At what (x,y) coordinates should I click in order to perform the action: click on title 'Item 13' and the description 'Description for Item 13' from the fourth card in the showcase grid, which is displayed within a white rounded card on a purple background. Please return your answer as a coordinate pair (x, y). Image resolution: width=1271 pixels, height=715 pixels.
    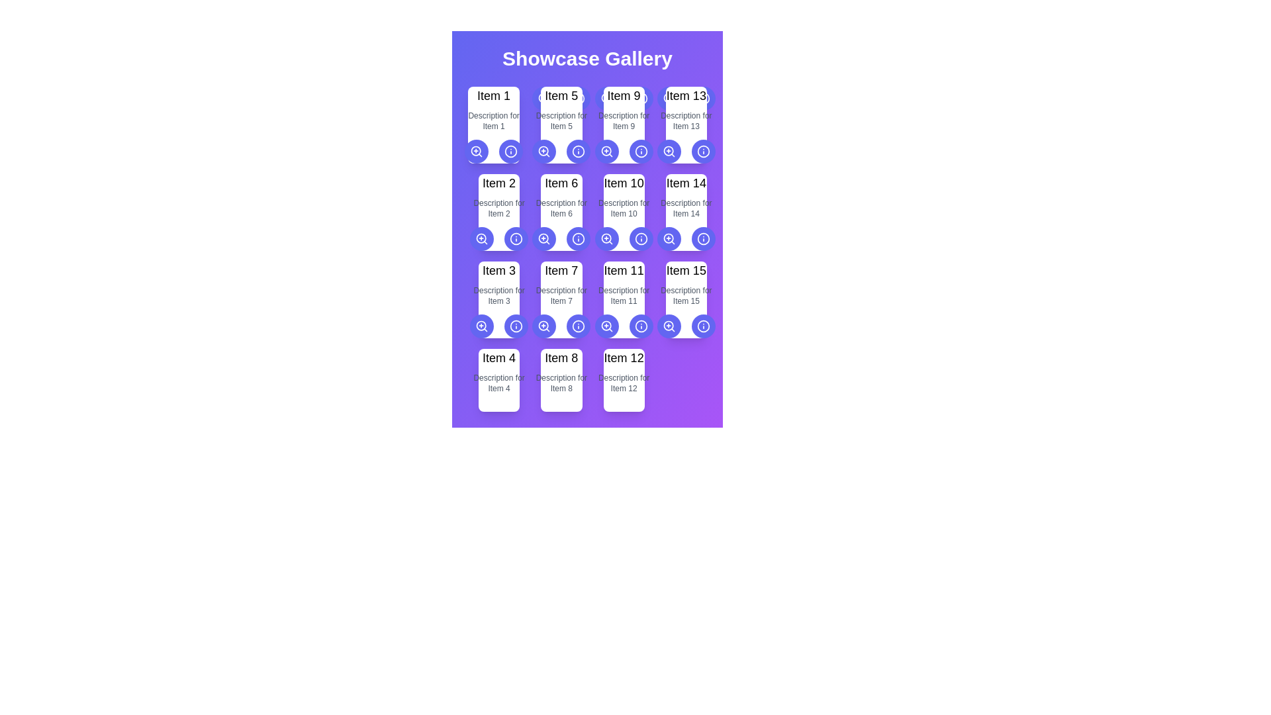
    Looking at the image, I should click on (686, 125).